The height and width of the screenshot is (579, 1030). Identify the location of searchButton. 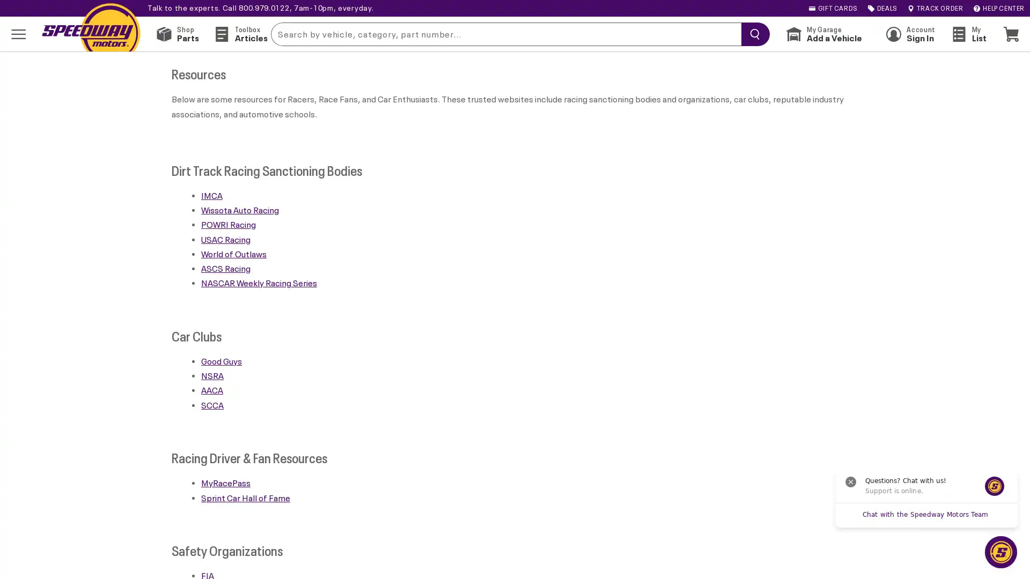
(752, 33).